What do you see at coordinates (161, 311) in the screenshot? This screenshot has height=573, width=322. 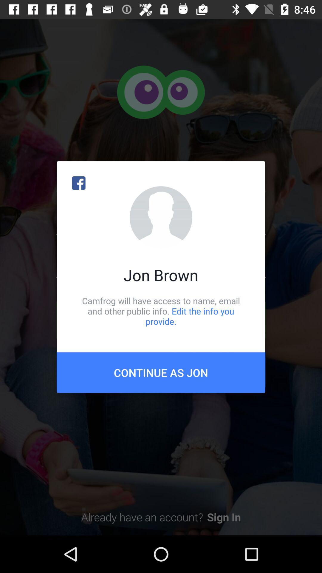 I see `camfrog will have item` at bounding box center [161, 311].